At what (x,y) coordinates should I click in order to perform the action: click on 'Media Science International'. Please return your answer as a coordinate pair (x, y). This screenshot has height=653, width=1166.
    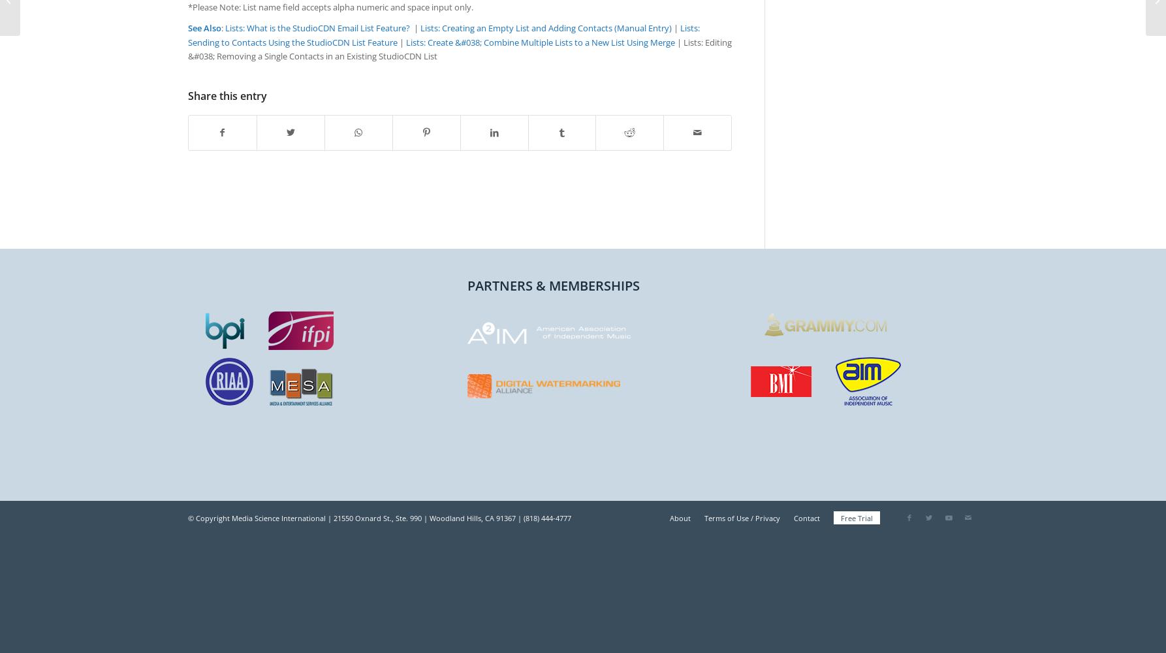
    Looking at the image, I should click on (279, 518).